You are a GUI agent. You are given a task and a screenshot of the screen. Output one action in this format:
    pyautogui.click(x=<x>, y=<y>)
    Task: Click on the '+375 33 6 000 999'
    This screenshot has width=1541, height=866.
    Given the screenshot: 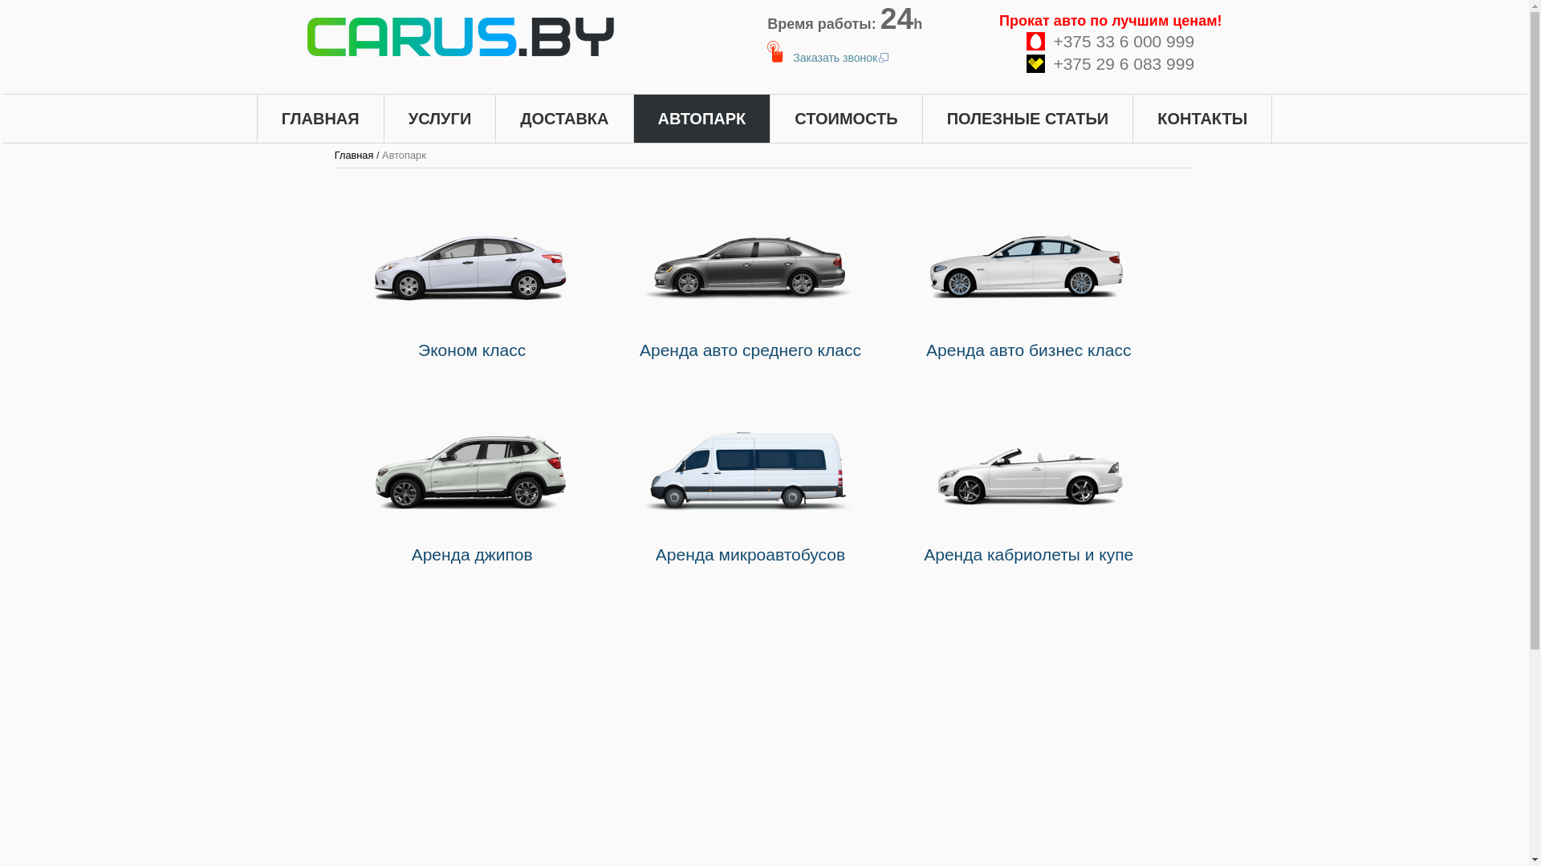 What is the action you would take?
    pyautogui.click(x=1109, y=40)
    